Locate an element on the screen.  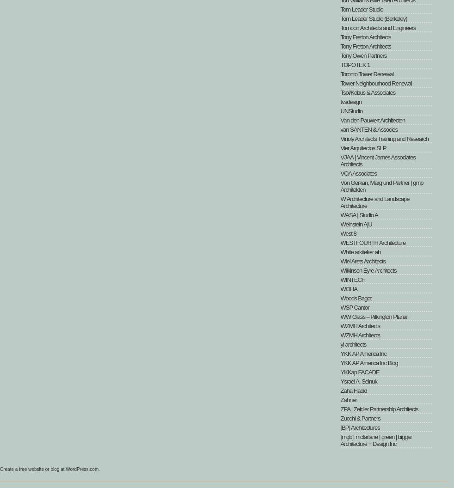
'WOHA' is located at coordinates (348, 288).